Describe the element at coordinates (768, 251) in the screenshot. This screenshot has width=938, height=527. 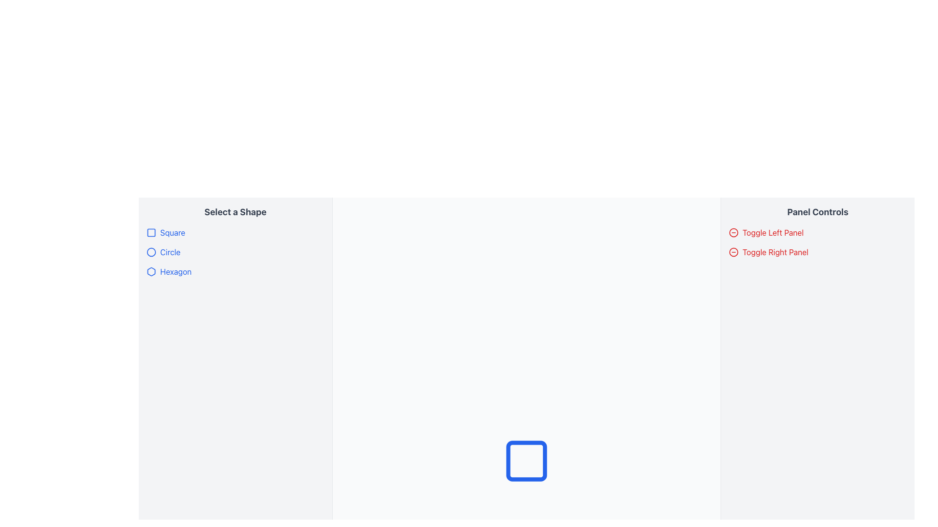
I see `the button located in the 'Panel Controls' section, beneath the 'Toggle Left Panel' button` at that location.